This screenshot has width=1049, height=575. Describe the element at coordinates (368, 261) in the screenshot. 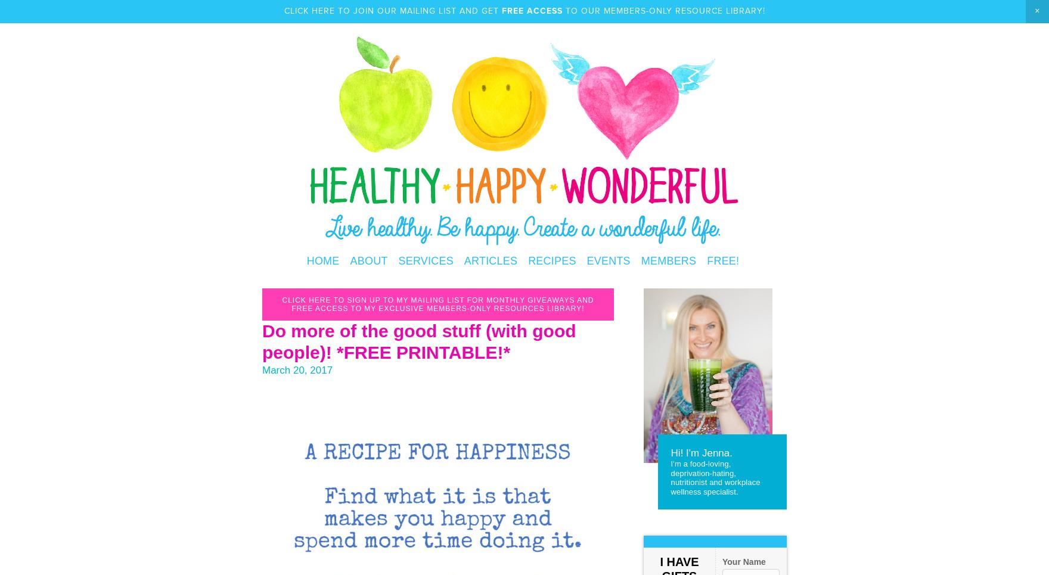

I see `'About'` at that location.